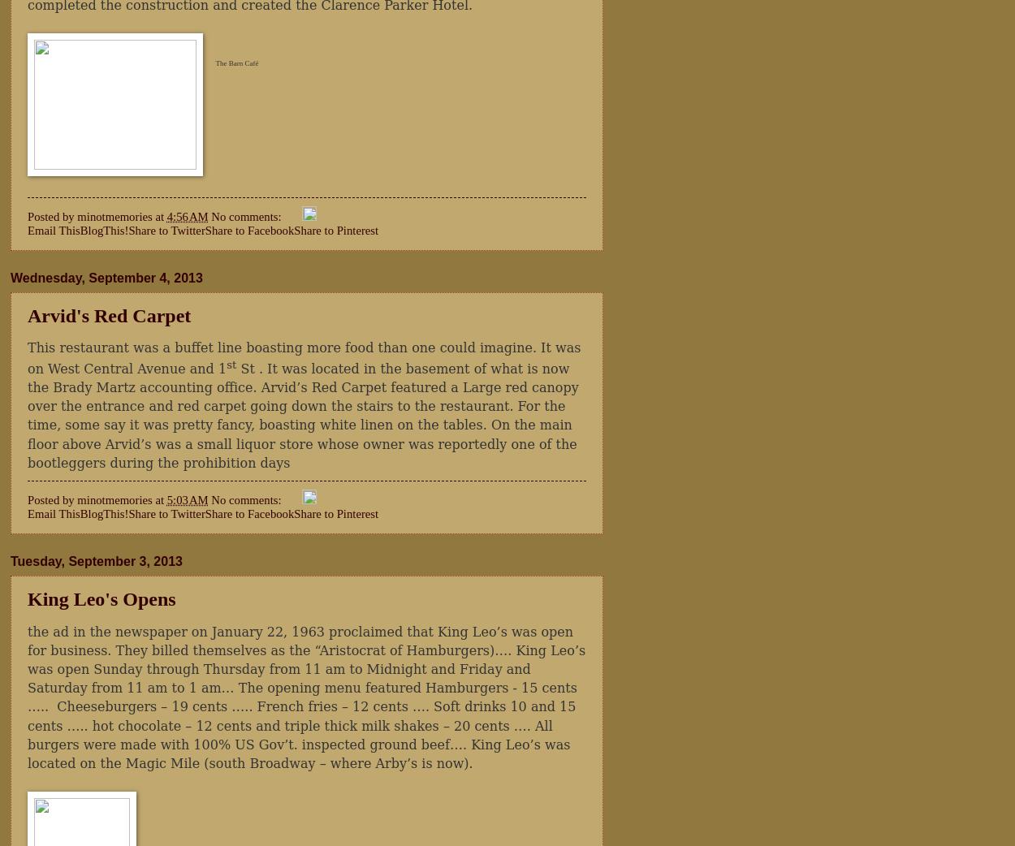 The image size is (1015, 846). I want to click on 'Wednesday, September 4, 2013', so click(106, 277).